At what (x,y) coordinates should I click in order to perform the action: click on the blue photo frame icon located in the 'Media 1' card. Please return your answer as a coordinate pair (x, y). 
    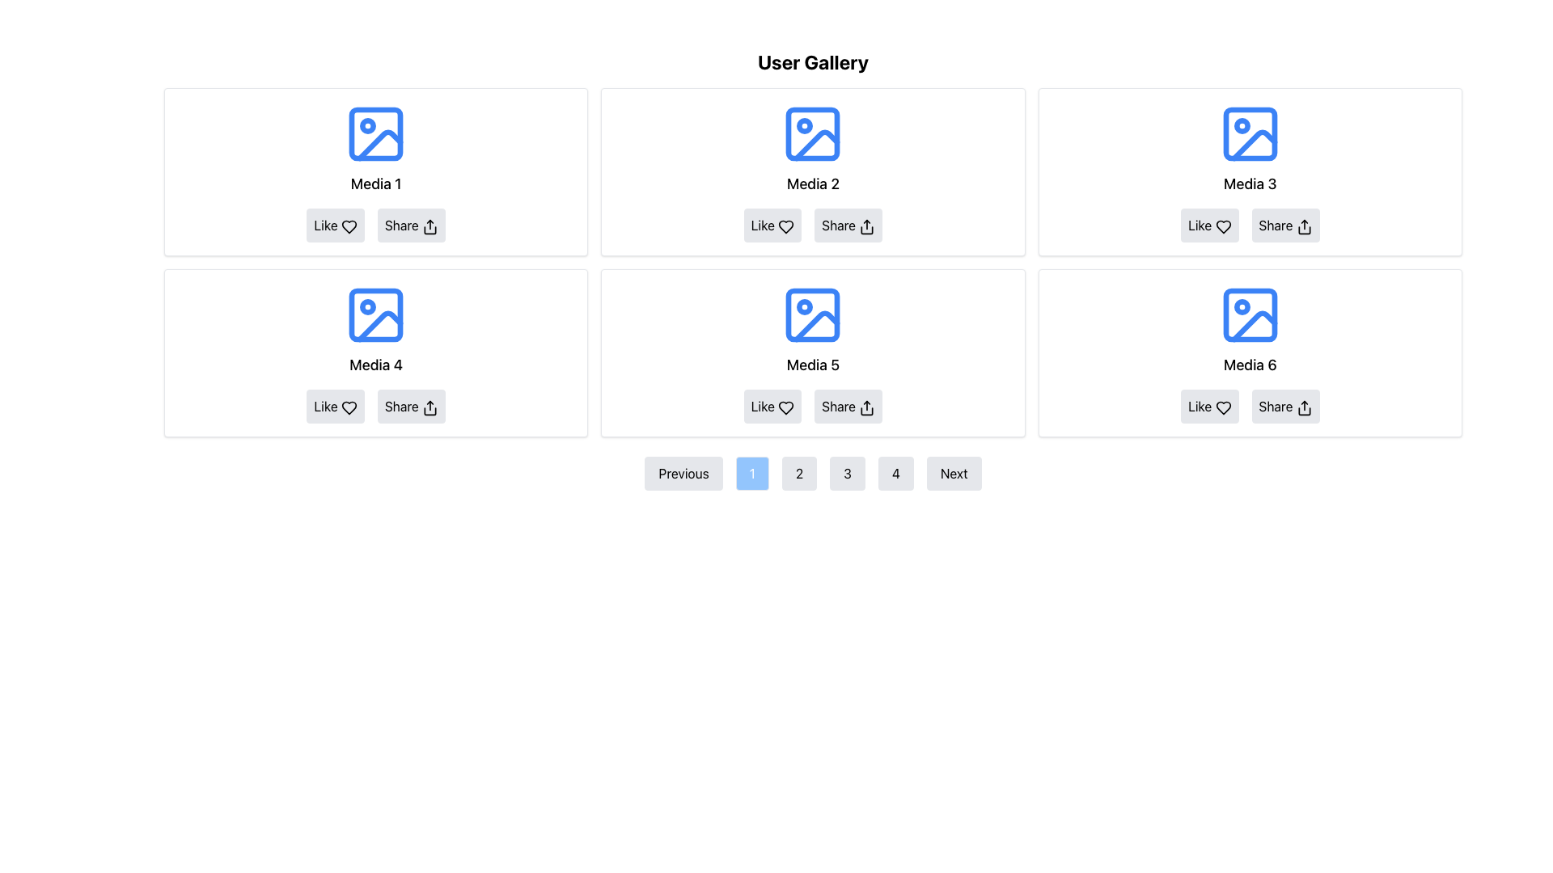
    Looking at the image, I should click on (375, 133).